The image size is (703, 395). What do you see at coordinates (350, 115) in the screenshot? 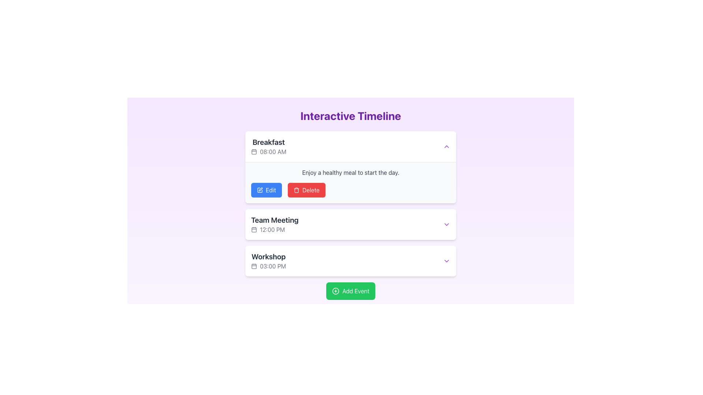
I see `the static text label or header component that serves as the title for the application managing an interactive timeline` at bounding box center [350, 115].